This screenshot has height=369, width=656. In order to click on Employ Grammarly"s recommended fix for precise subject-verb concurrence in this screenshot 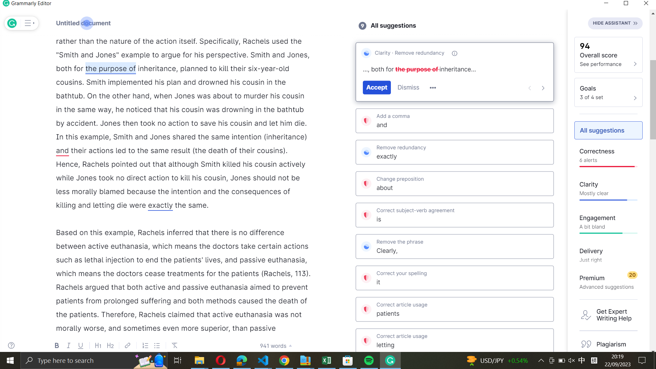, I will do `click(454, 215)`.